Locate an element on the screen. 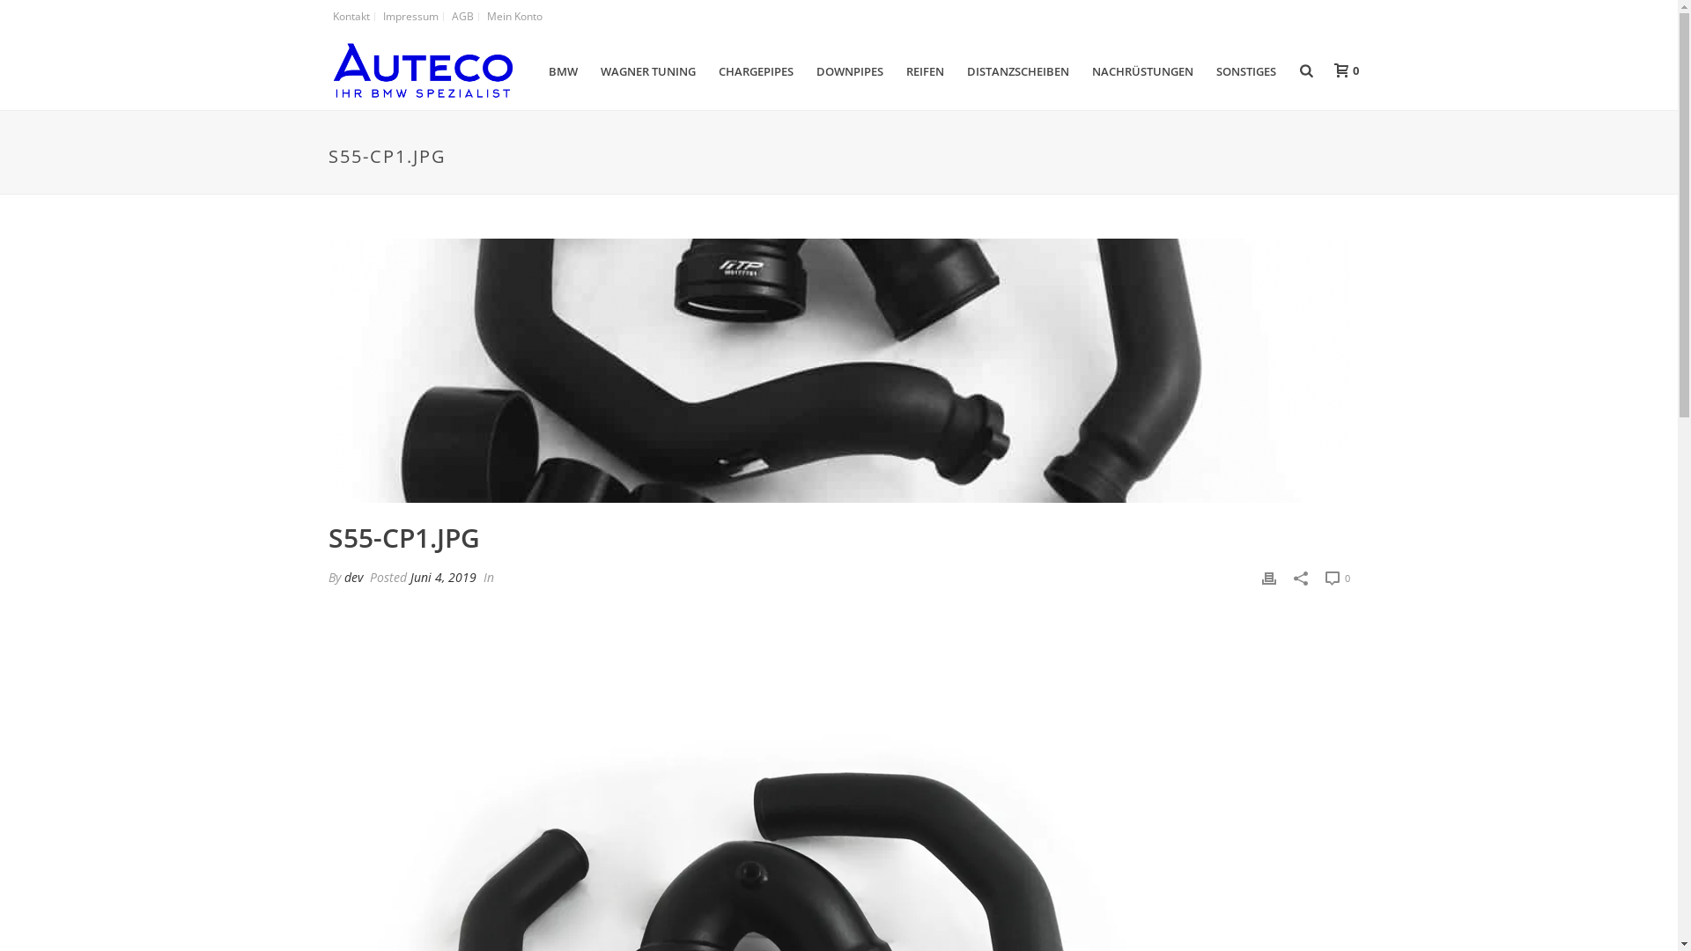 This screenshot has height=951, width=1691. '0' is located at coordinates (1340, 69).